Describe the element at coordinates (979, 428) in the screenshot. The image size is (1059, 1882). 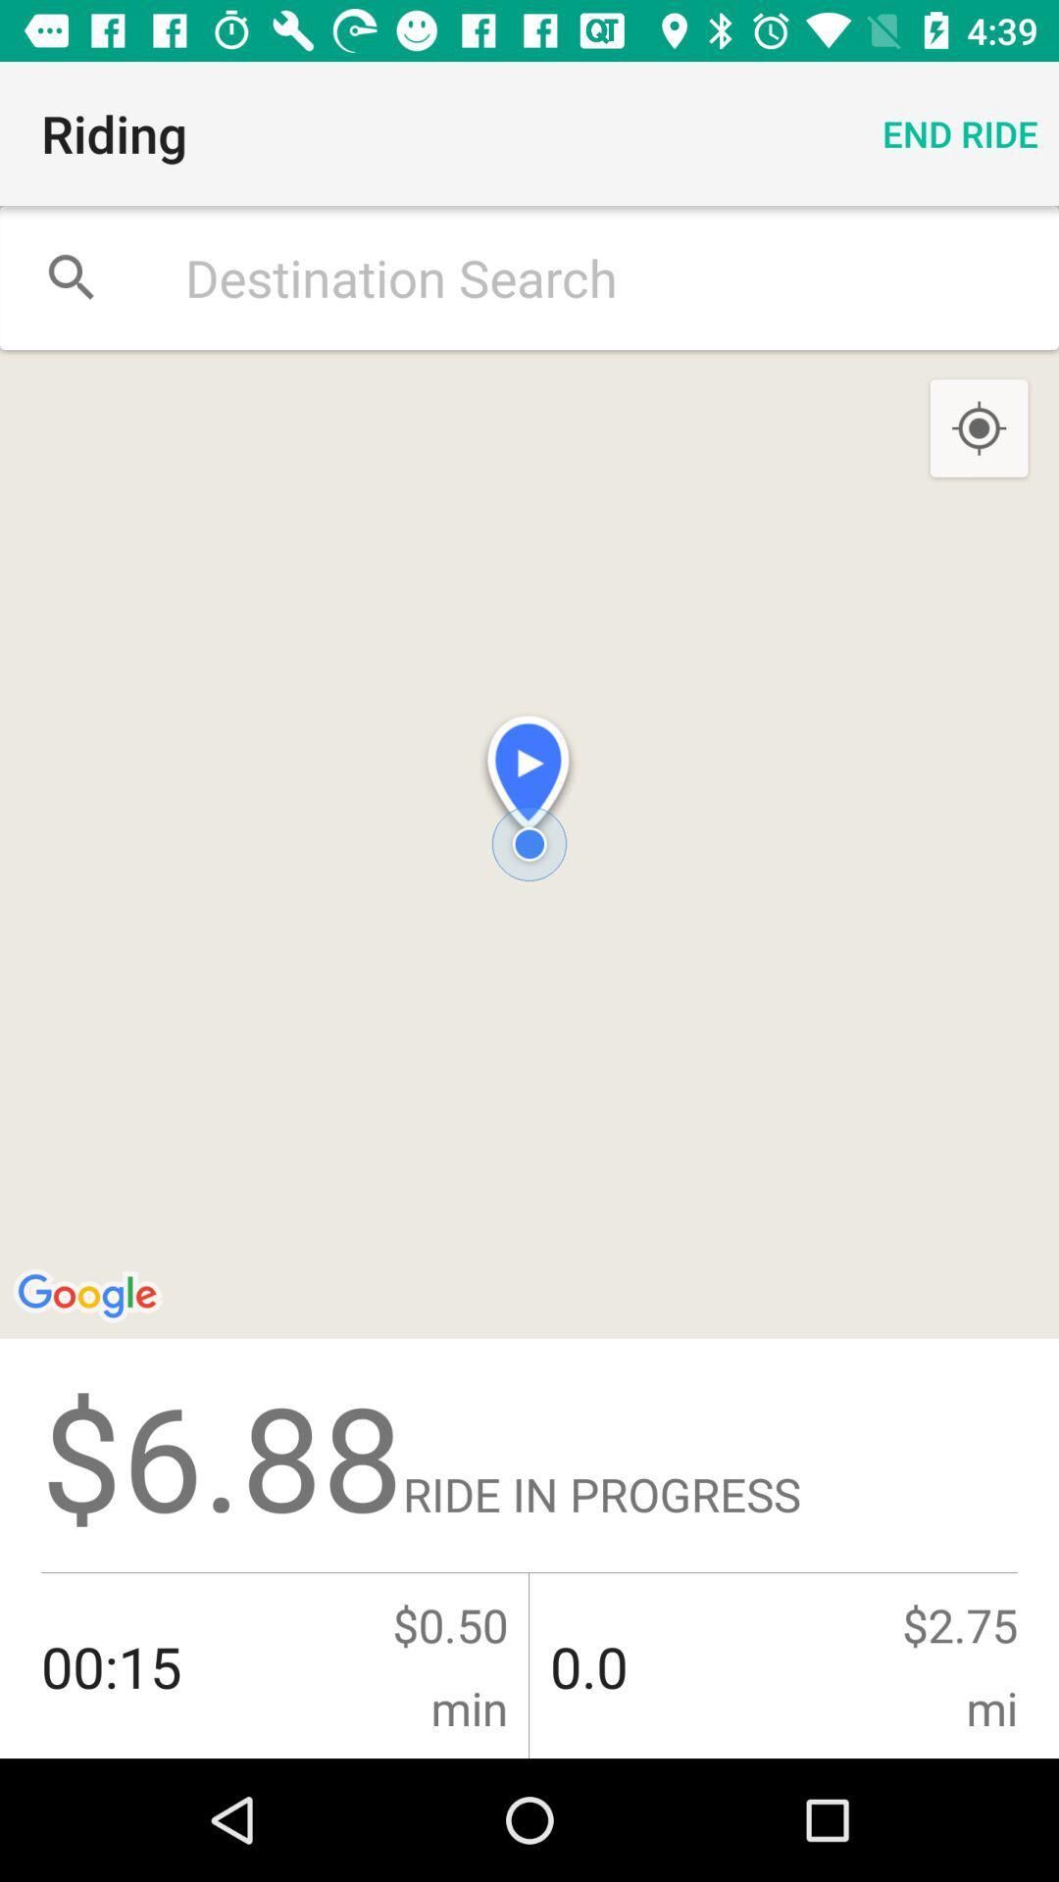
I see `the location_crosshair icon` at that location.